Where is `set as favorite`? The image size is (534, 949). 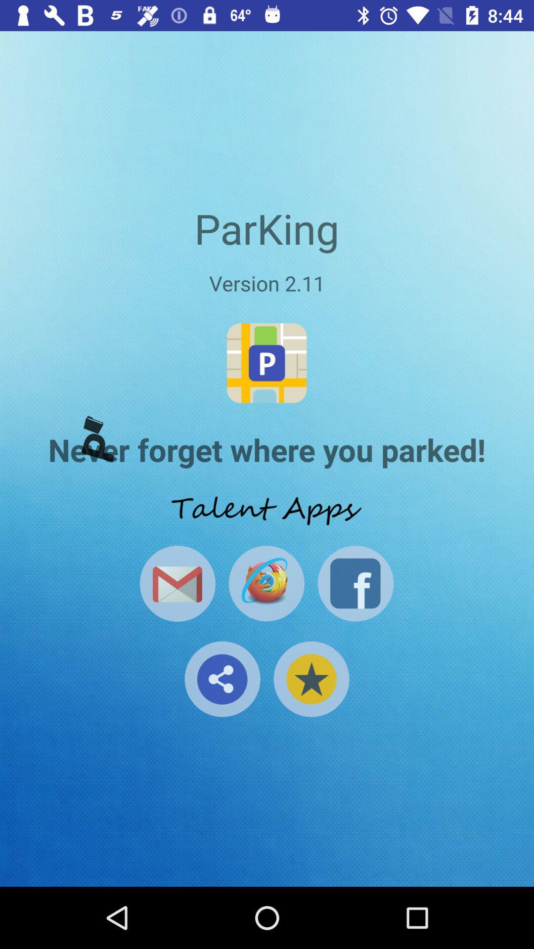 set as favorite is located at coordinates (311, 678).